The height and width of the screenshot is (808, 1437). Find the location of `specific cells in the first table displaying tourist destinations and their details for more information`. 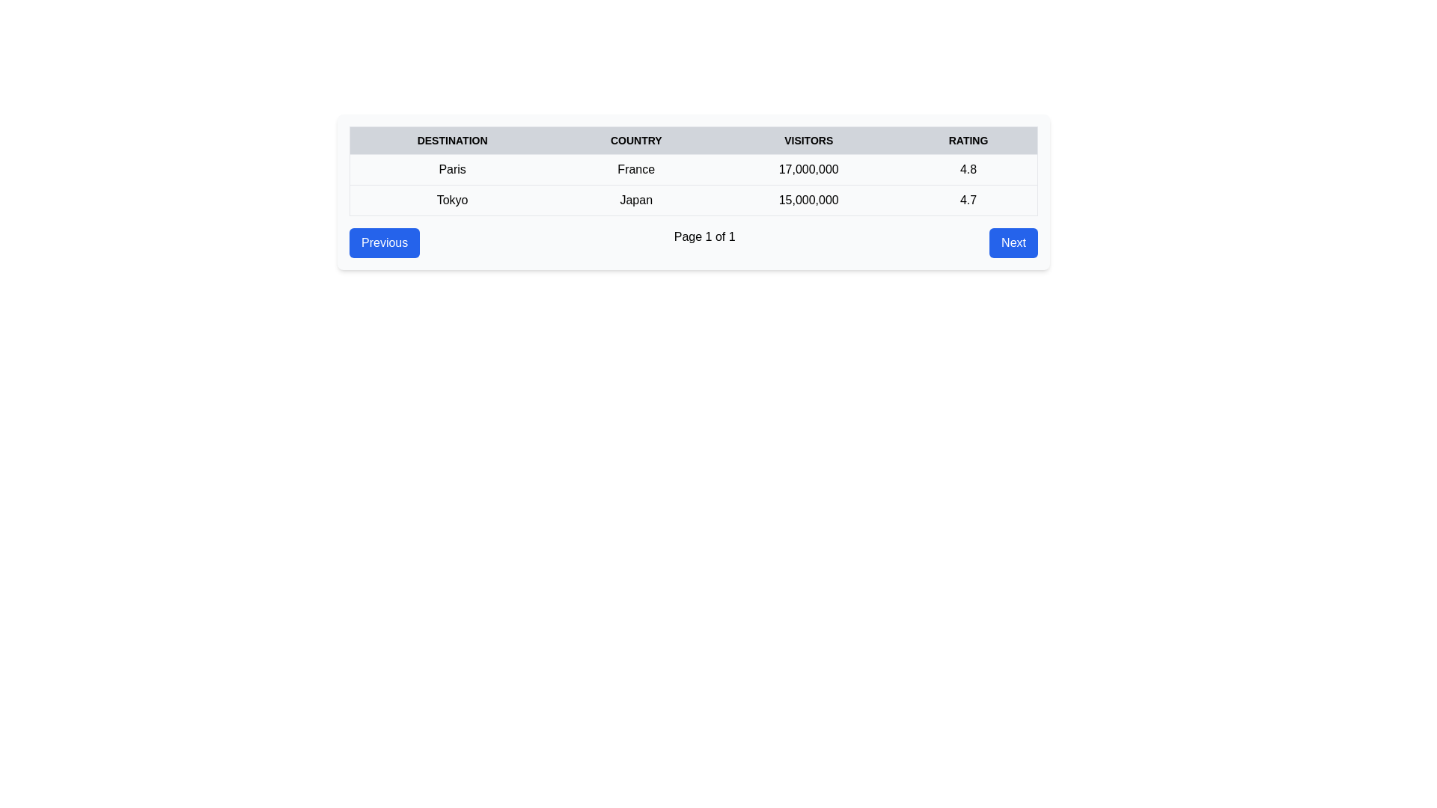

specific cells in the first table displaying tourist destinations and their details for more information is located at coordinates (692, 192).